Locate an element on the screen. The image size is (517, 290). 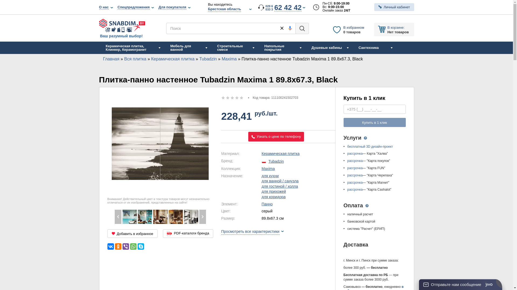
'Maxima' is located at coordinates (145, 216).